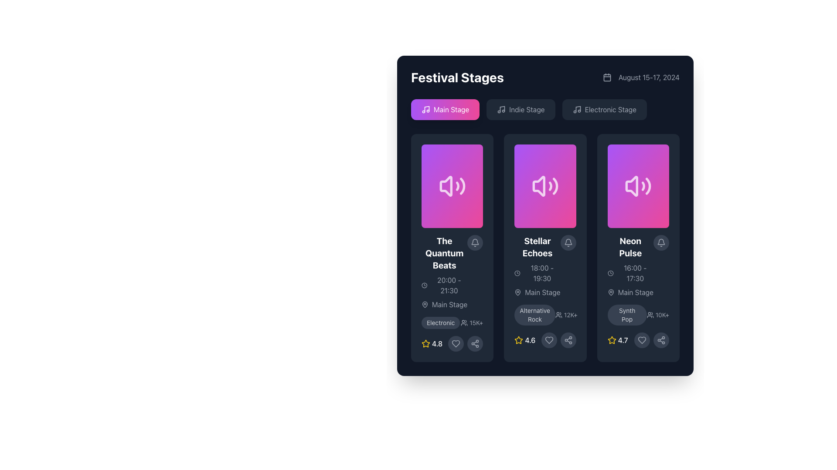 Image resolution: width=837 pixels, height=470 pixels. What do you see at coordinates (457, 186) in the screenshot?
I see `the red arc-like graphical icon representing a sound wave, which is part of a sound-related graphic situated to the right of the speaker symbol` at bounding box center [457, 186].